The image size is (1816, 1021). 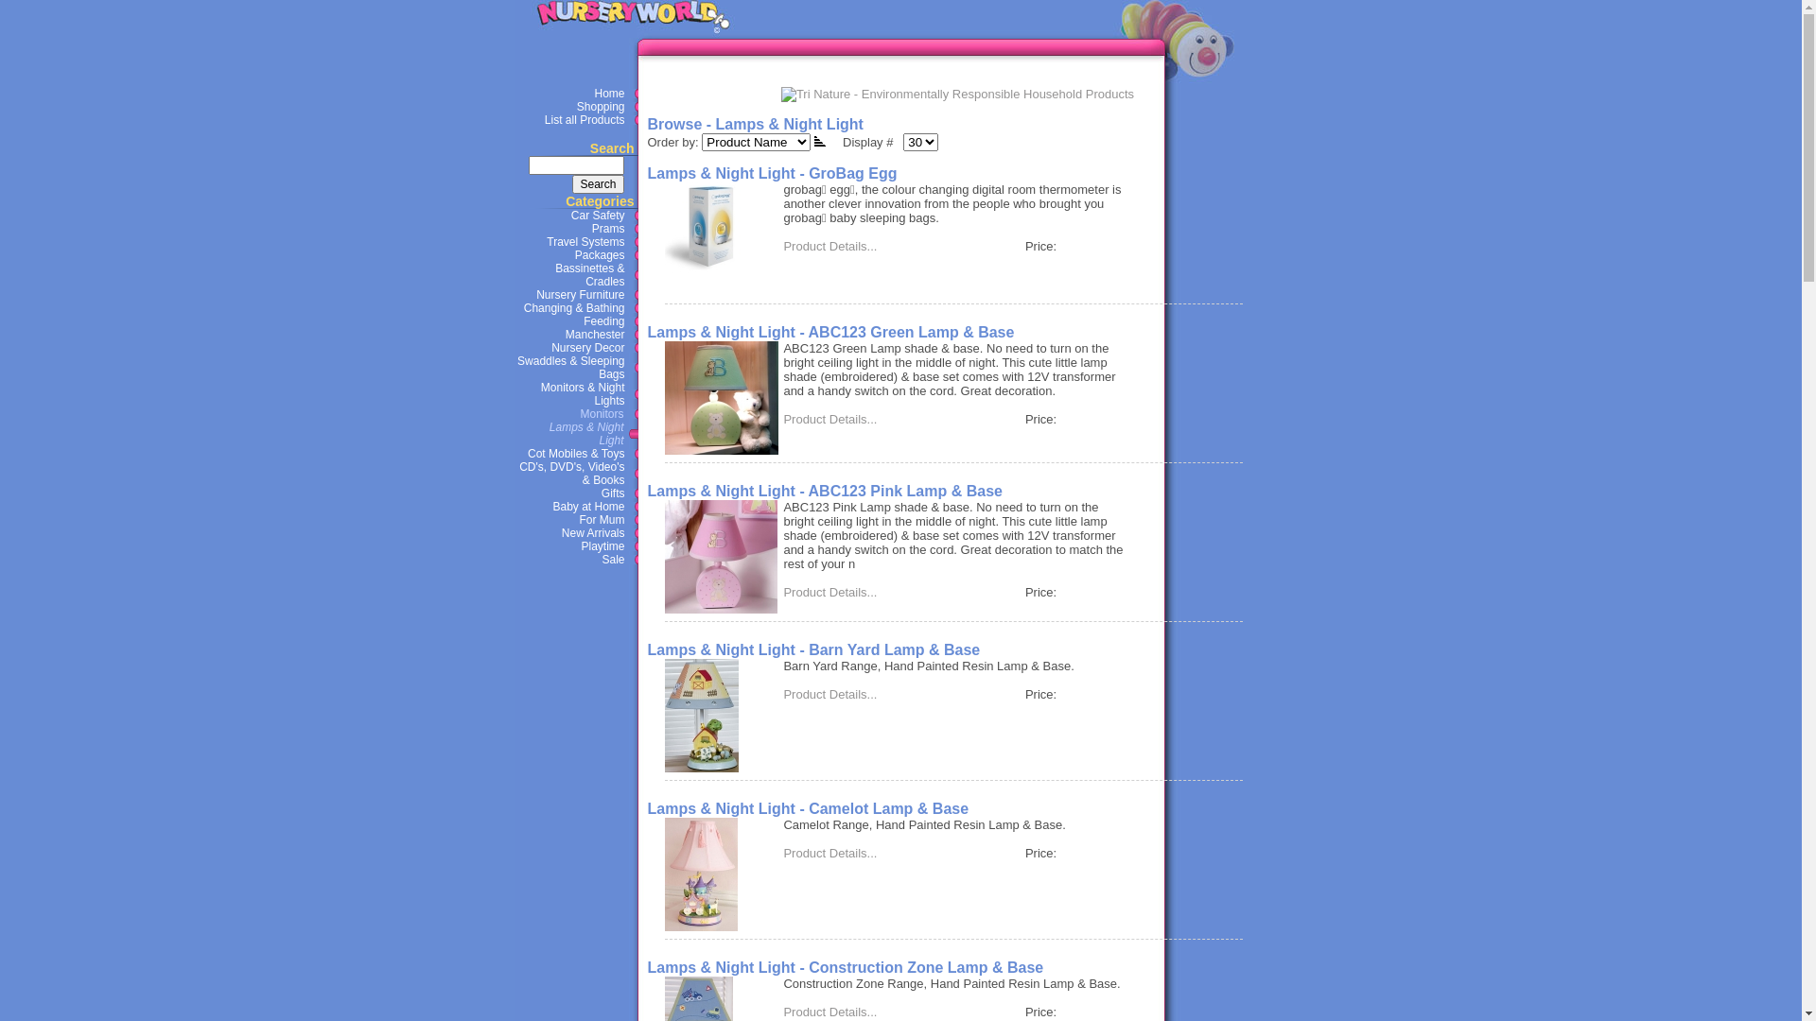 I want to click on 'Search', so click(x=597, y=184).